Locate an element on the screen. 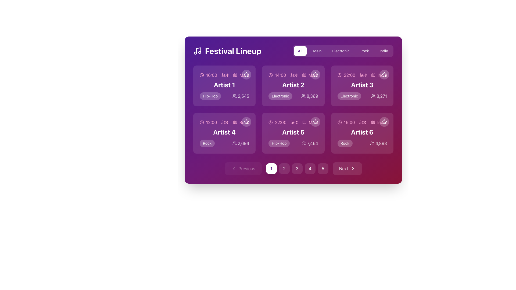  the 'All' tab in the Tab Bar to filter content, which has a white background and purple text, located below 'Festival Lineup' is located at coordinates (293, 51).